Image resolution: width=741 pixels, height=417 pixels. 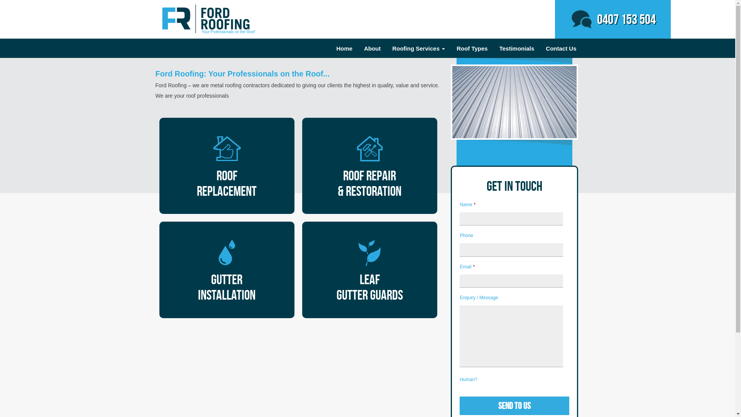 I want to click on 'Send to Us', so click(x=514, y=405).